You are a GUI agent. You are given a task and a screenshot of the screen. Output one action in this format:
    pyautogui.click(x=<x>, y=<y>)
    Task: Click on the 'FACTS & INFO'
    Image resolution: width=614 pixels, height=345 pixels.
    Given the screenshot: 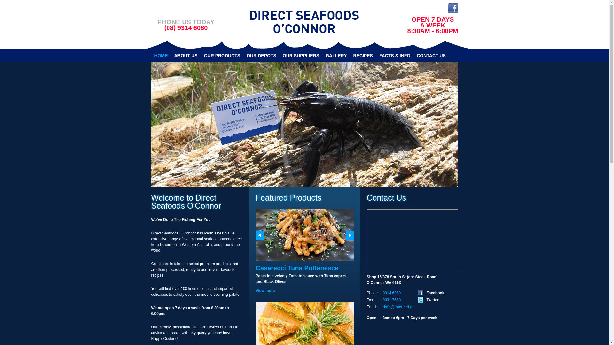 What is the action you would take?
    pyautogui.click(x=394, y=55)
    